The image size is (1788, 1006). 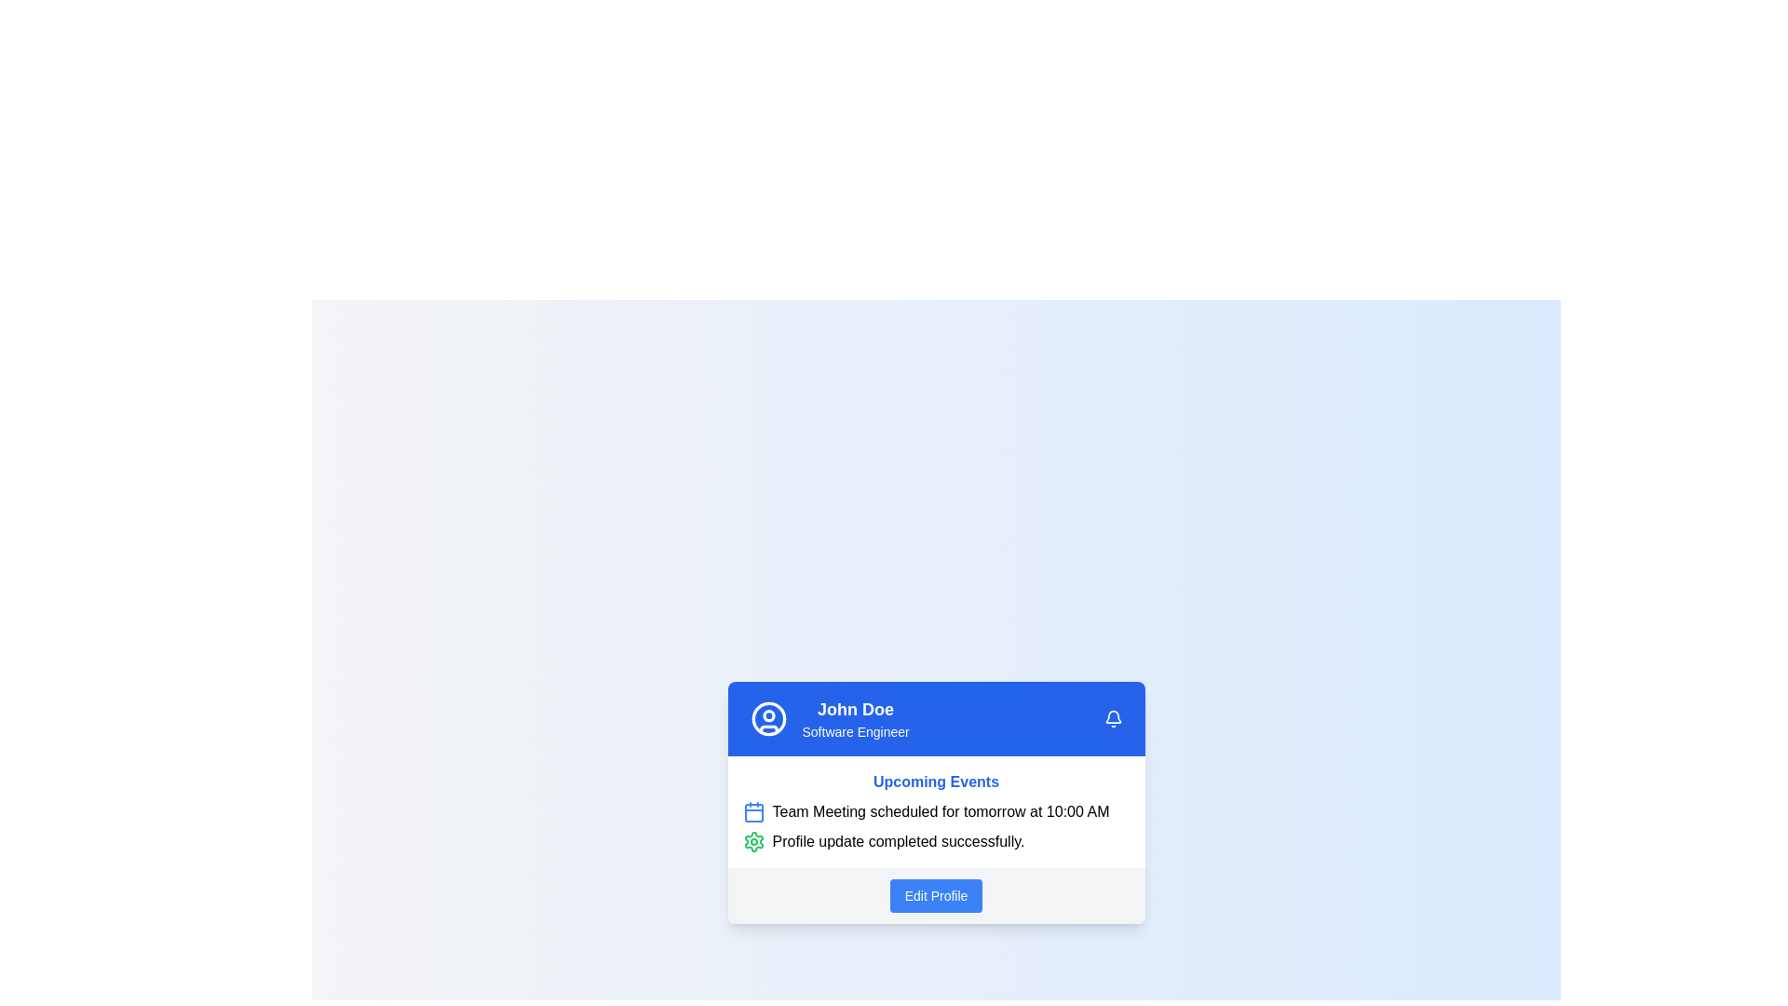 What do you see at coordinates (855, 717) in the screenshot?
I see `information displayed in the Text Display Block that contains 'John Doe' and 'Software Engineer', which is centered with a blue background` at bounding box center [855, 717].